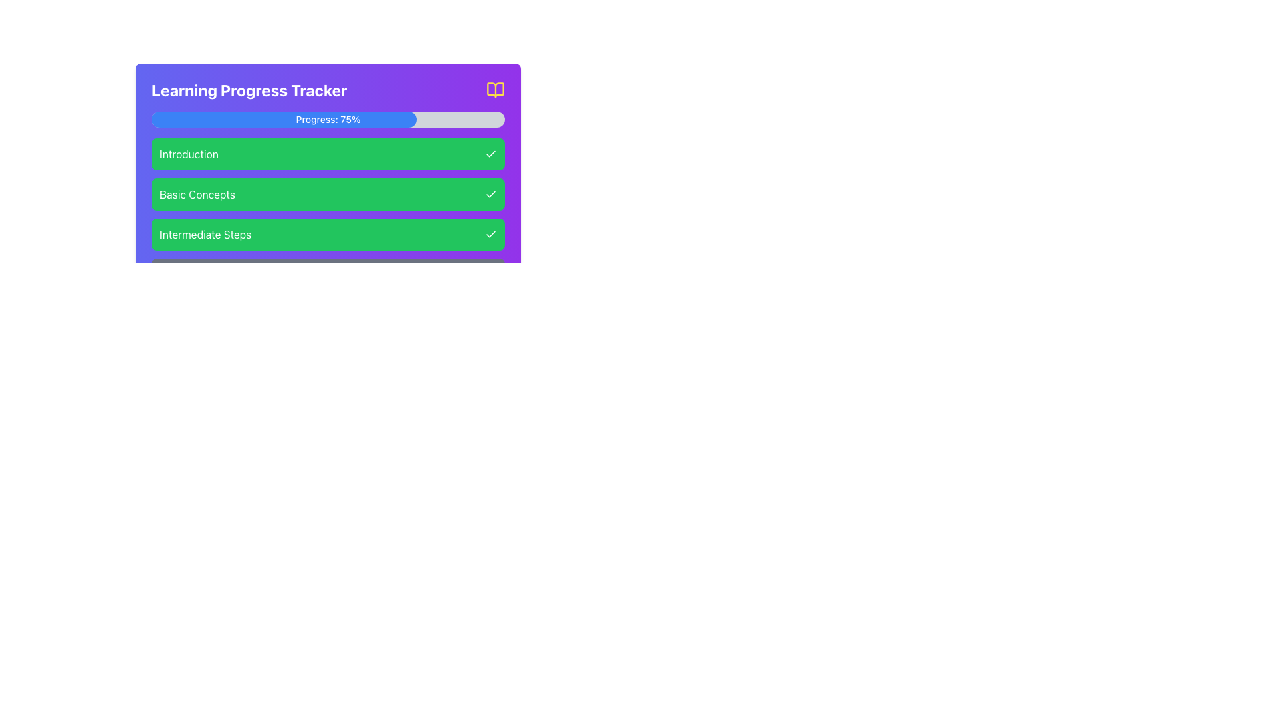  I want to click on the vibrant yellow open book icon located at the top-right corner of the 'Learning Progress Tracker' panel, so click(494, 90).